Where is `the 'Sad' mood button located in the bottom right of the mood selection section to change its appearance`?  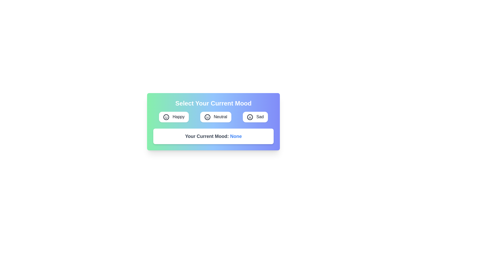
the 'Sad' mood button located in the bottom right of the mood selection section to change its appearance is located at coordinates (255, 117).